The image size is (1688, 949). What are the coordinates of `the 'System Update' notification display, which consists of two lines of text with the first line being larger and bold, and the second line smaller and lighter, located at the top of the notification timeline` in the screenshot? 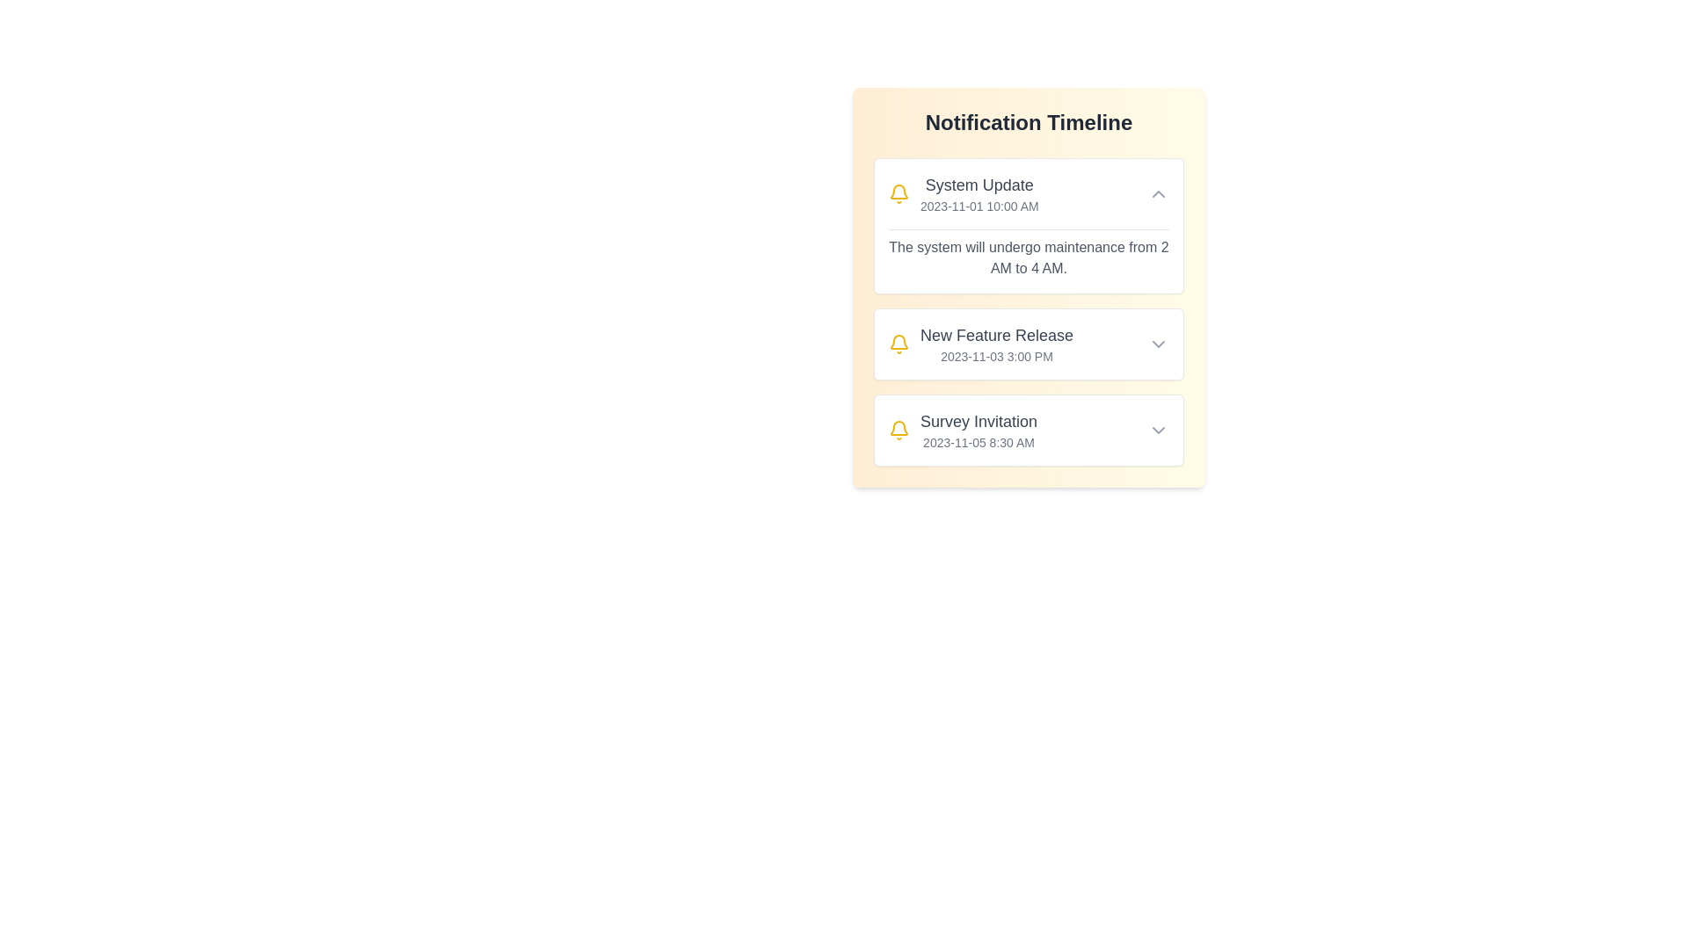 It's located at (979, 193).